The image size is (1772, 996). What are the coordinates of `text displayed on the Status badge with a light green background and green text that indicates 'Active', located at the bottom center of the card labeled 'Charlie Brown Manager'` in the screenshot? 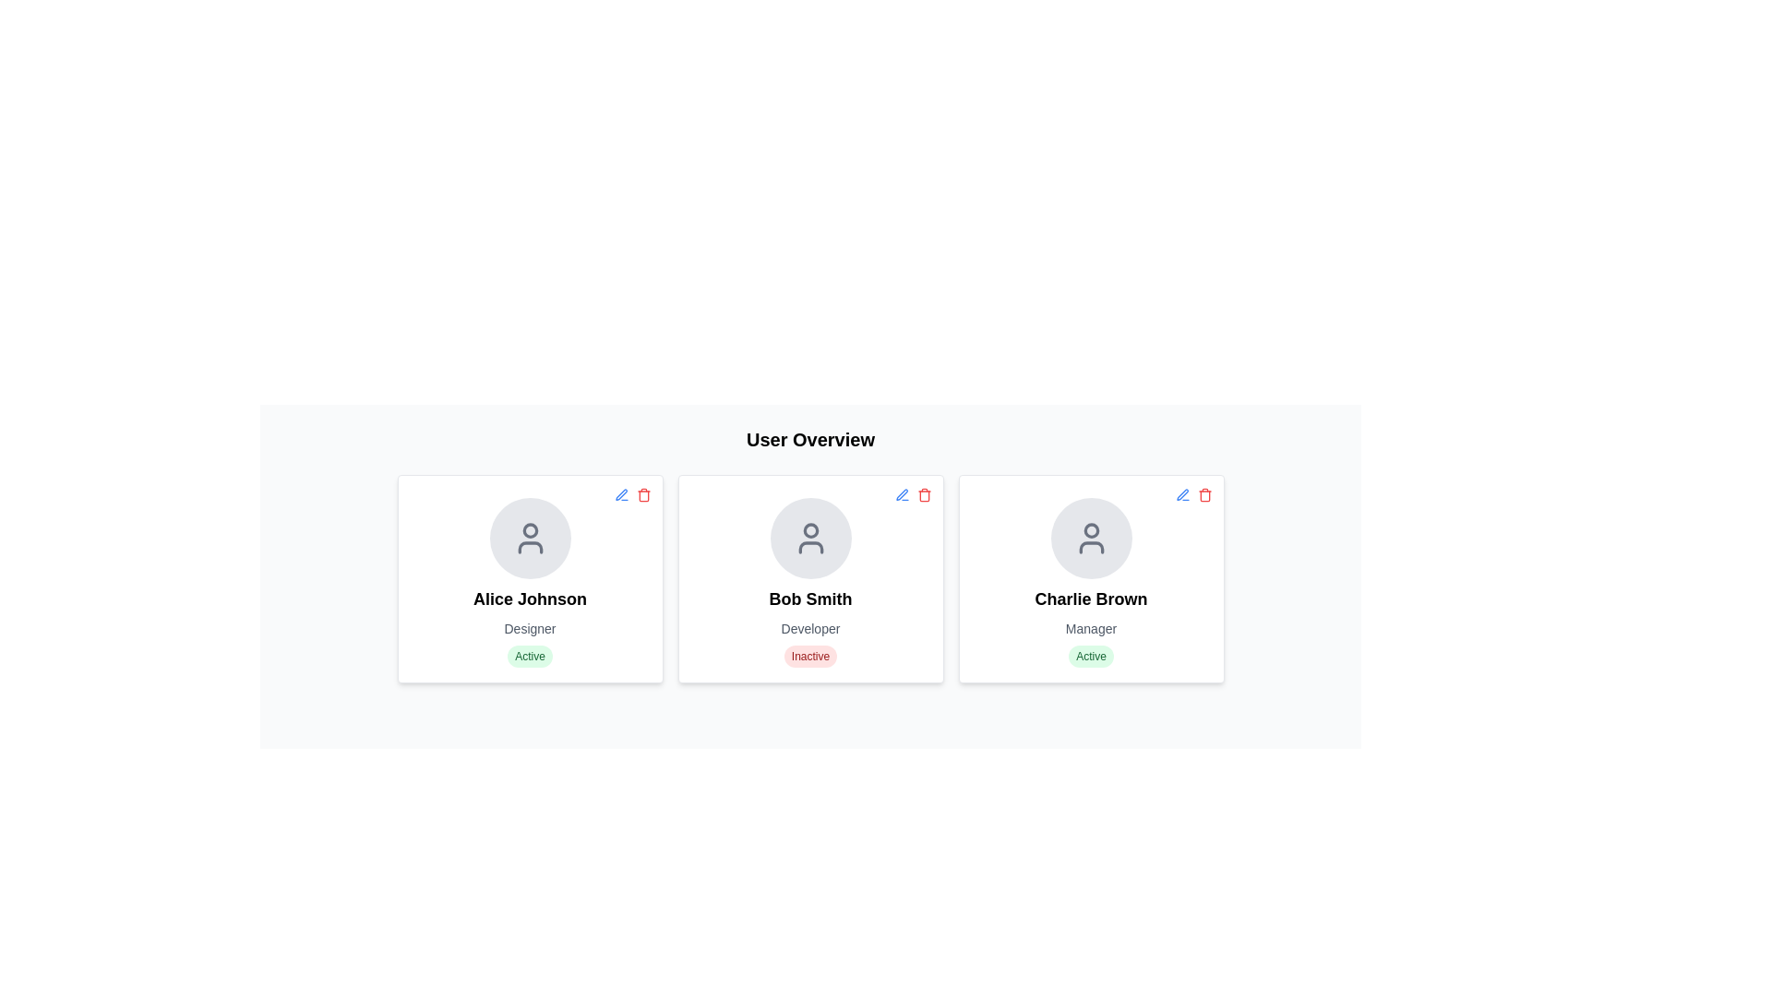 It's located at (1091, 656).